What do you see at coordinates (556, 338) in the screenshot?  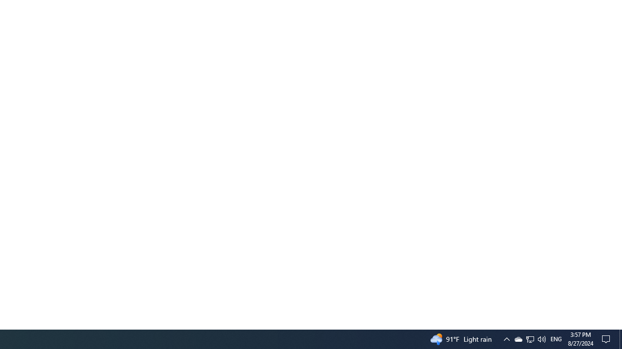 I see `'Tray Input Indicator - English (United States)'` at bounding box center [556, 338].